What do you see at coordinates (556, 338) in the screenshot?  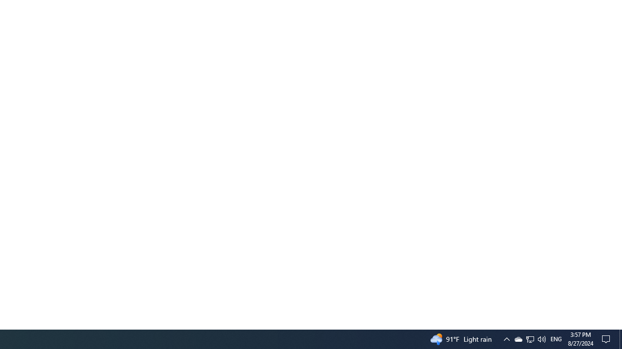 I see `'Tray Input Indicator - English (United States)'` at bounding box center [556, 338].